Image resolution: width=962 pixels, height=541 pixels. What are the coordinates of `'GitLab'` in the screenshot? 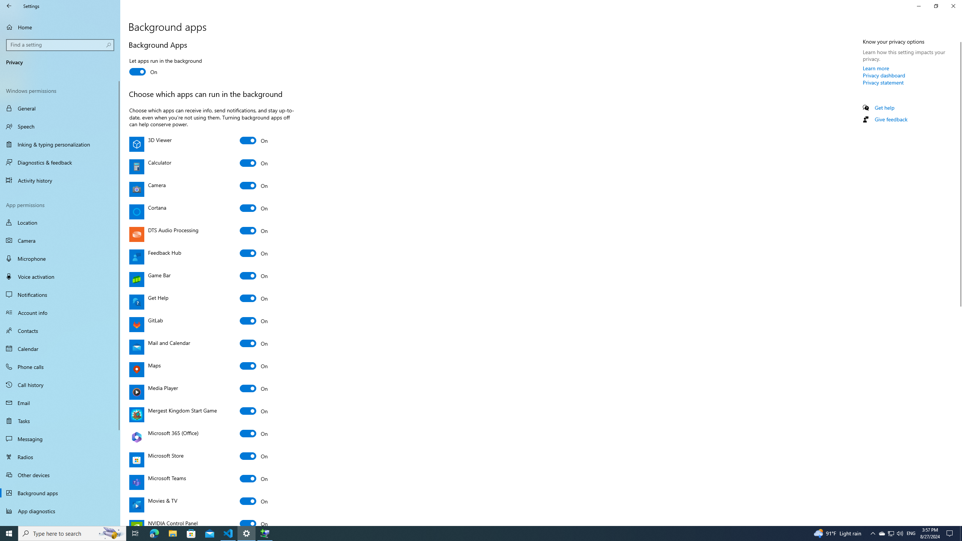 It's located at (253, 320).